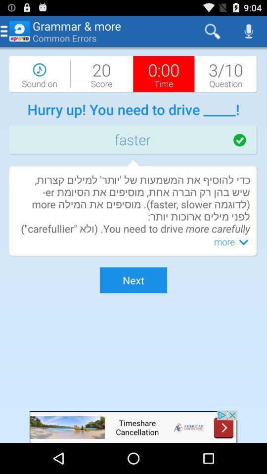 The width and height of the screenshot is (267, 474). What do you see at coordinates (133, 426) in the screenshot?
I see `the advertised website` at bounding box center [133, 426].